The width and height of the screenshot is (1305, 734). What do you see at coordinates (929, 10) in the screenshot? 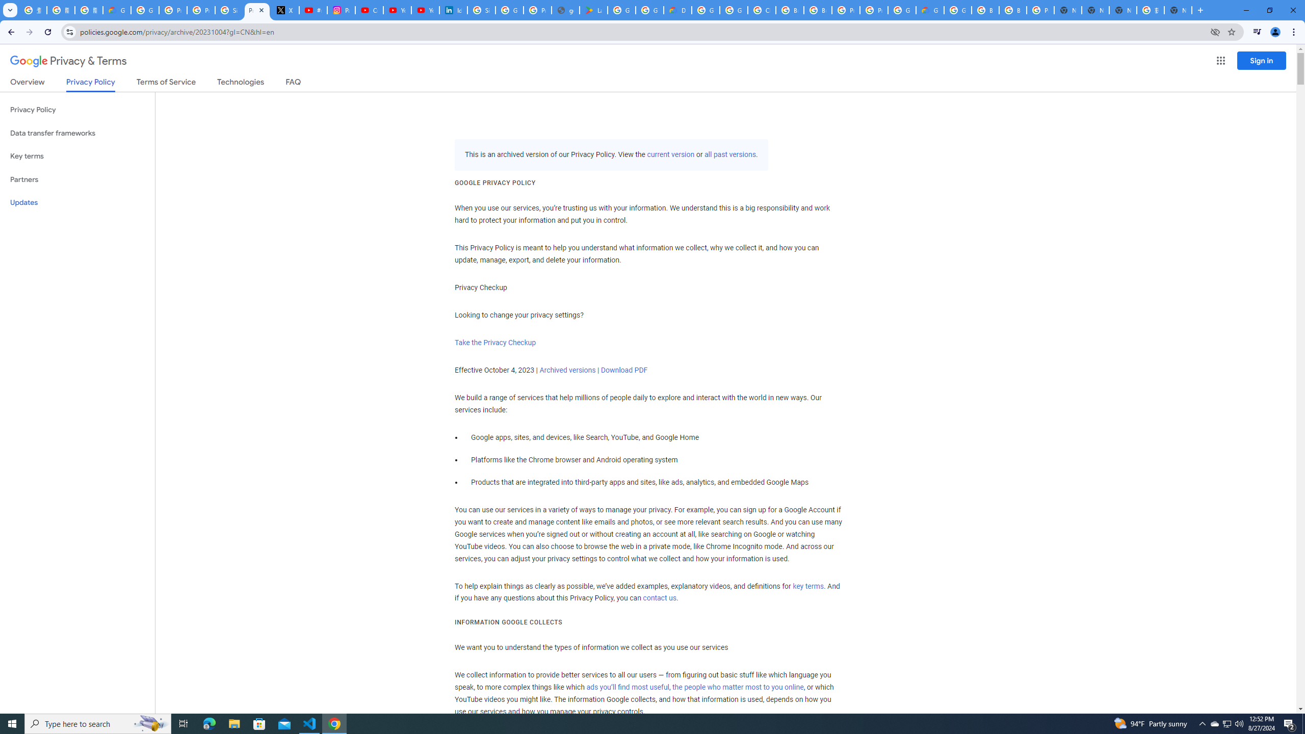
I see `'Google Cloud Estimate Summary'` at bounding box center [929, 10].